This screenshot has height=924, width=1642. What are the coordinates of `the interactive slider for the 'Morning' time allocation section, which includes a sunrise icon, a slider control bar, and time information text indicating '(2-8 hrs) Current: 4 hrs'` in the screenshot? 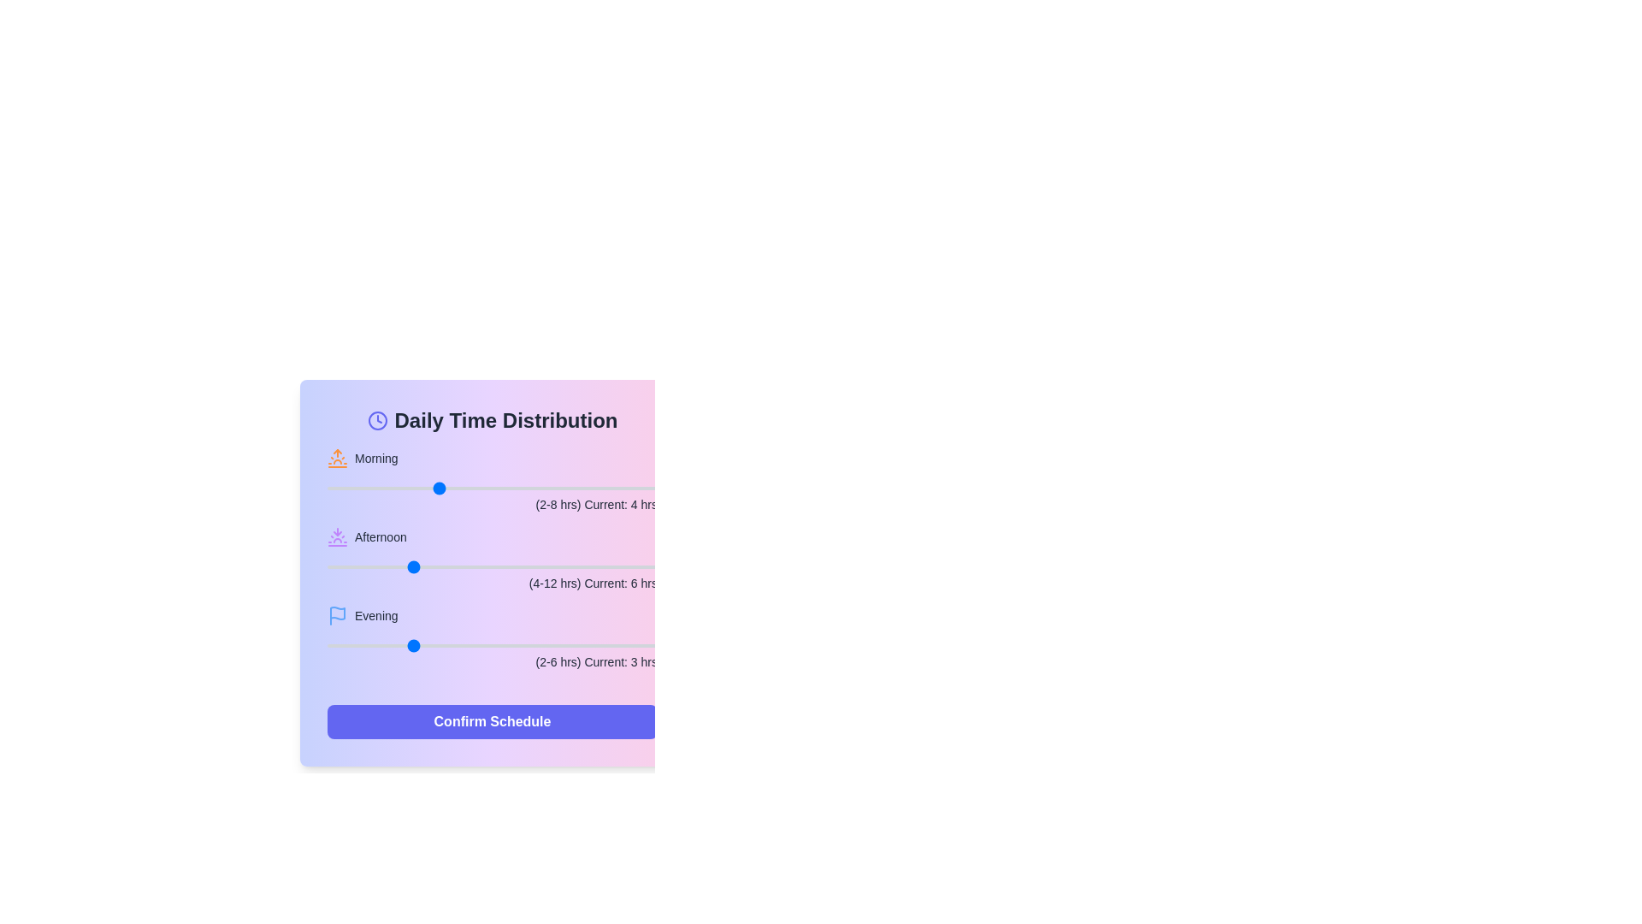 It's located at (492, 481).